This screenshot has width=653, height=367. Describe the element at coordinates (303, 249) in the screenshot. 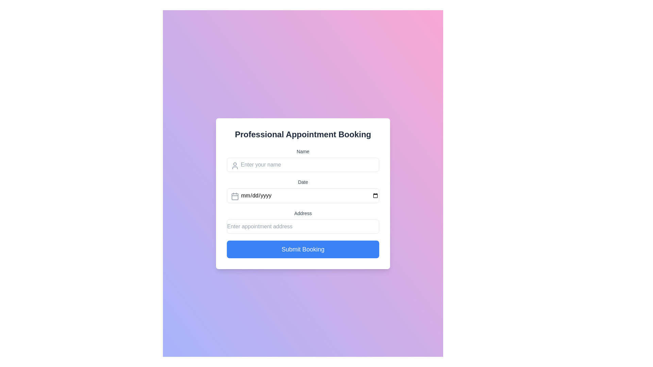

I see `the 'Submit Booking' button, which is a rectangular button with rounded corners, a blue background, and white text, located at the bottom of the form` at that location.